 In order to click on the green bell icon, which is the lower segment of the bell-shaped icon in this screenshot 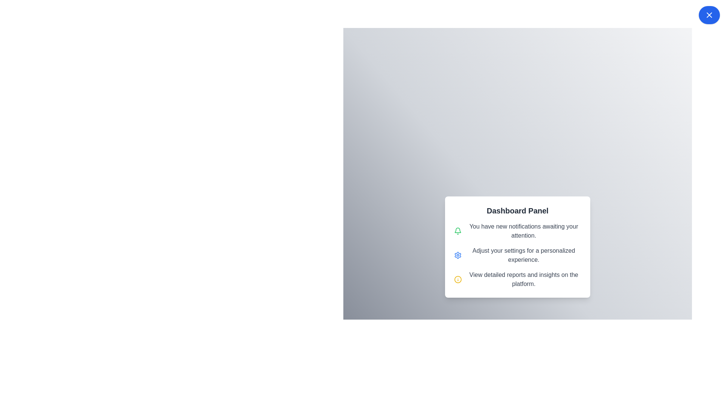, I will do `click(458, 230)`.